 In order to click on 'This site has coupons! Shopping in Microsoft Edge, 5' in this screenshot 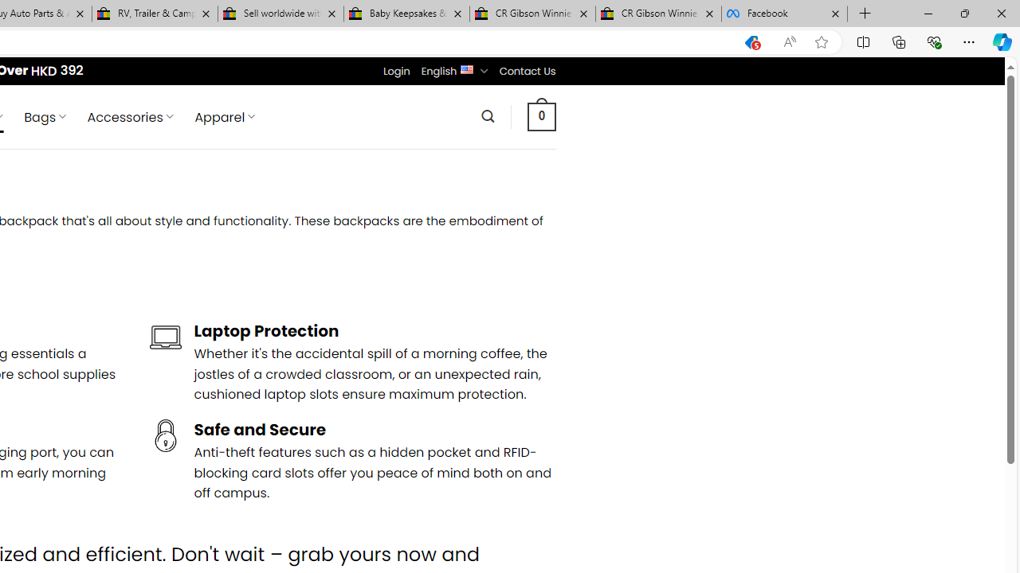, I will do `click(751, 41)`.